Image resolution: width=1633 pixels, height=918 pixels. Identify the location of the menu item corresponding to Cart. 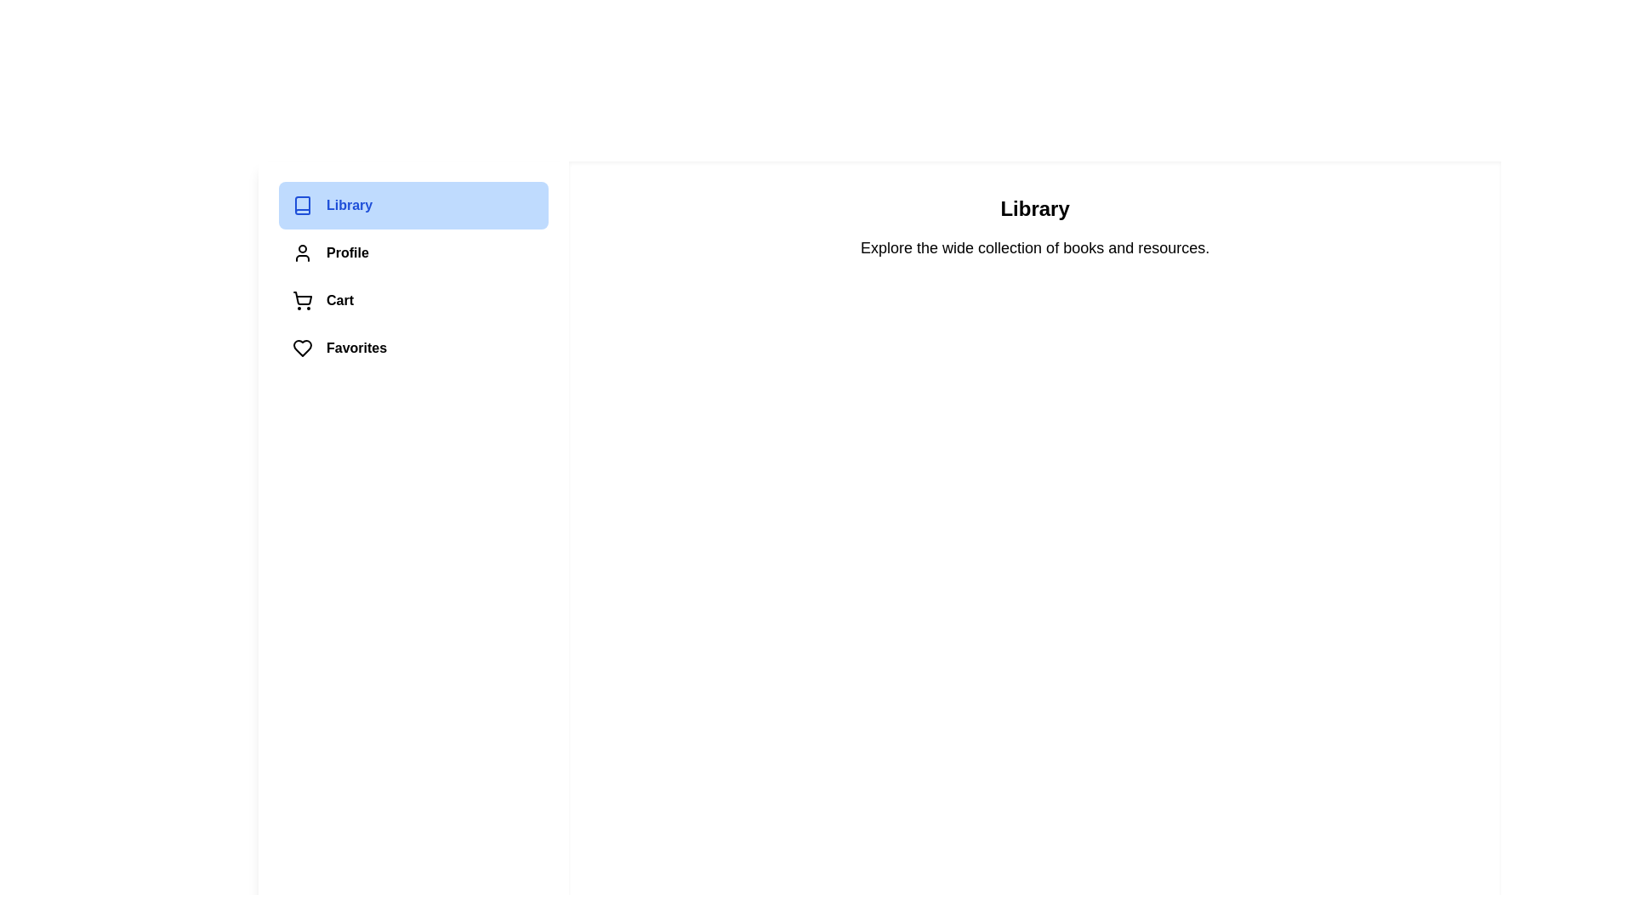
(413, 300).